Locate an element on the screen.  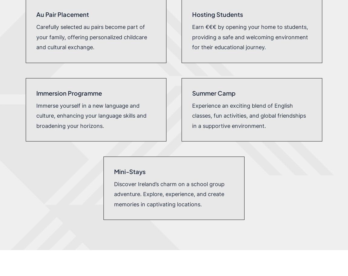
'Au Pair Placement' is located at coordinates (62, 14).